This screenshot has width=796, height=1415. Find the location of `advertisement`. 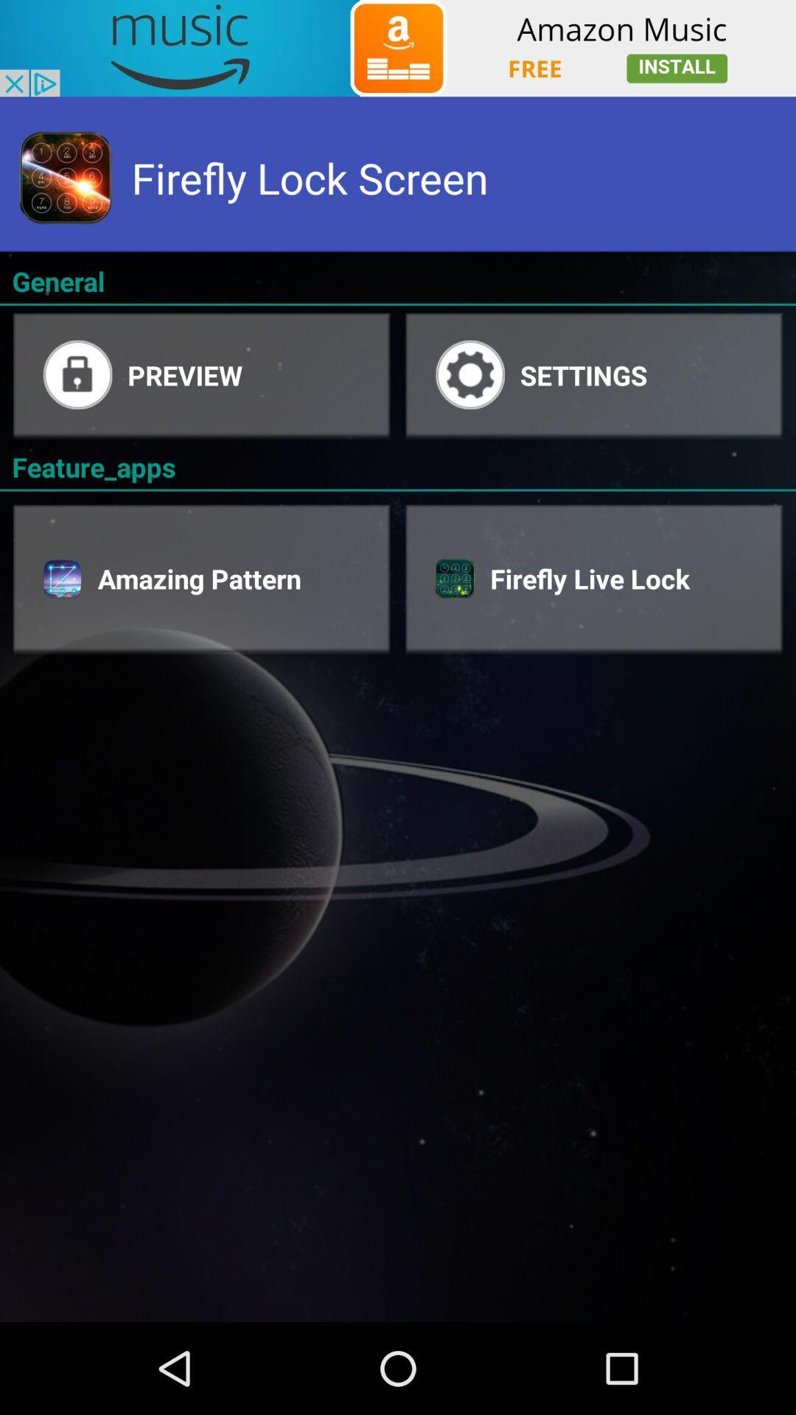

advertisement is located at coordinates (398, 48).